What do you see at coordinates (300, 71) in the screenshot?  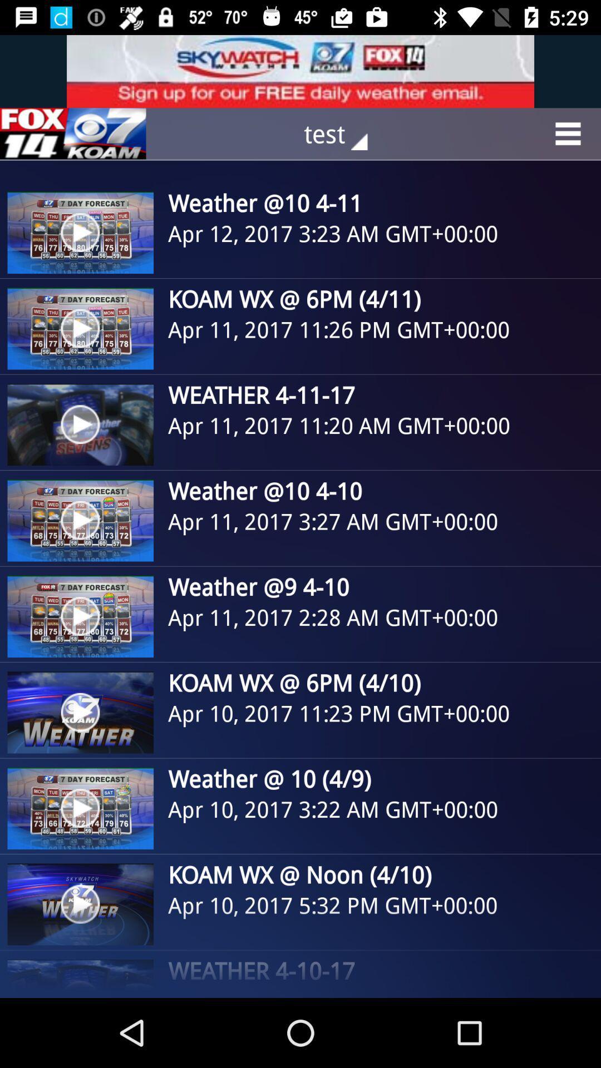 I see `visit advertised site` at bounding box center [300, 71].